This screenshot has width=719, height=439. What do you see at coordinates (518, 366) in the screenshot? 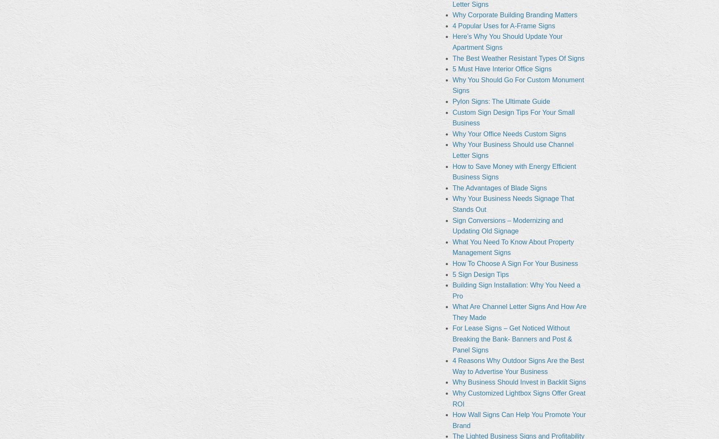
I see `'4 Reasons Why Outdoor Signs Are the Best Way to Advertise Your Business'` at bounding box center [518, 366].